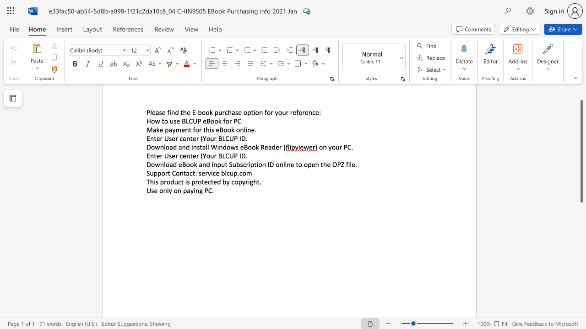 The height and width of the screenshot is (329, 586). I want to click on the scrollbar and move up 50 pixels, so click(581, 151).